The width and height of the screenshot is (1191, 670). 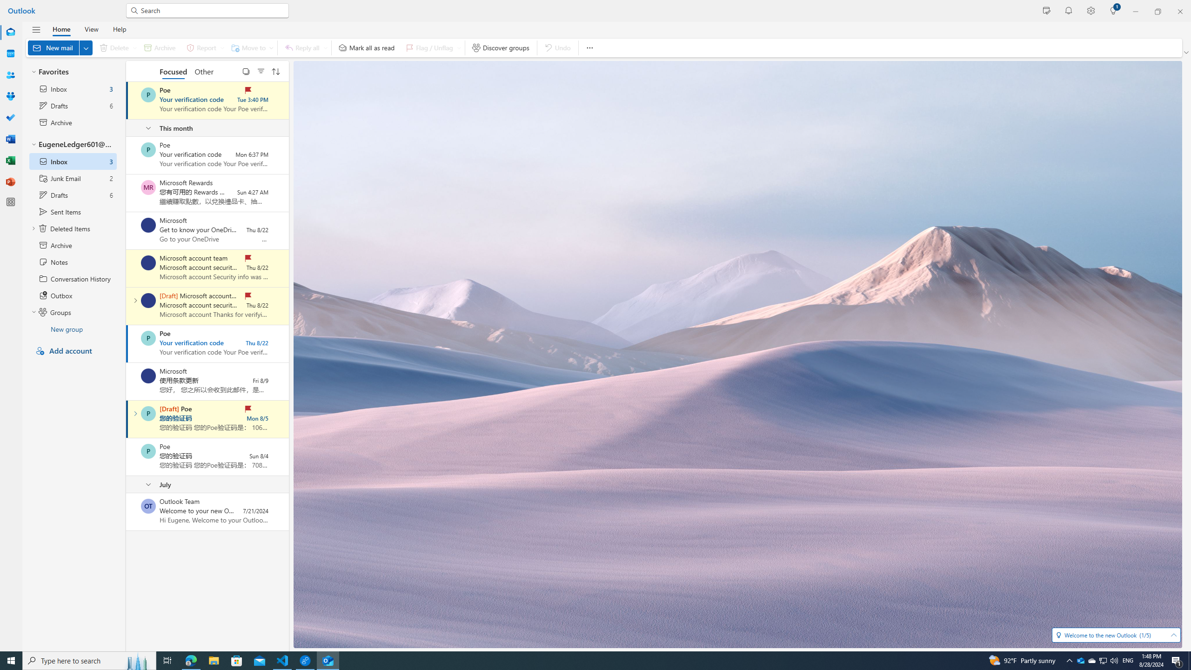 I want to click on 'Mail', so click(x=11, y=32).